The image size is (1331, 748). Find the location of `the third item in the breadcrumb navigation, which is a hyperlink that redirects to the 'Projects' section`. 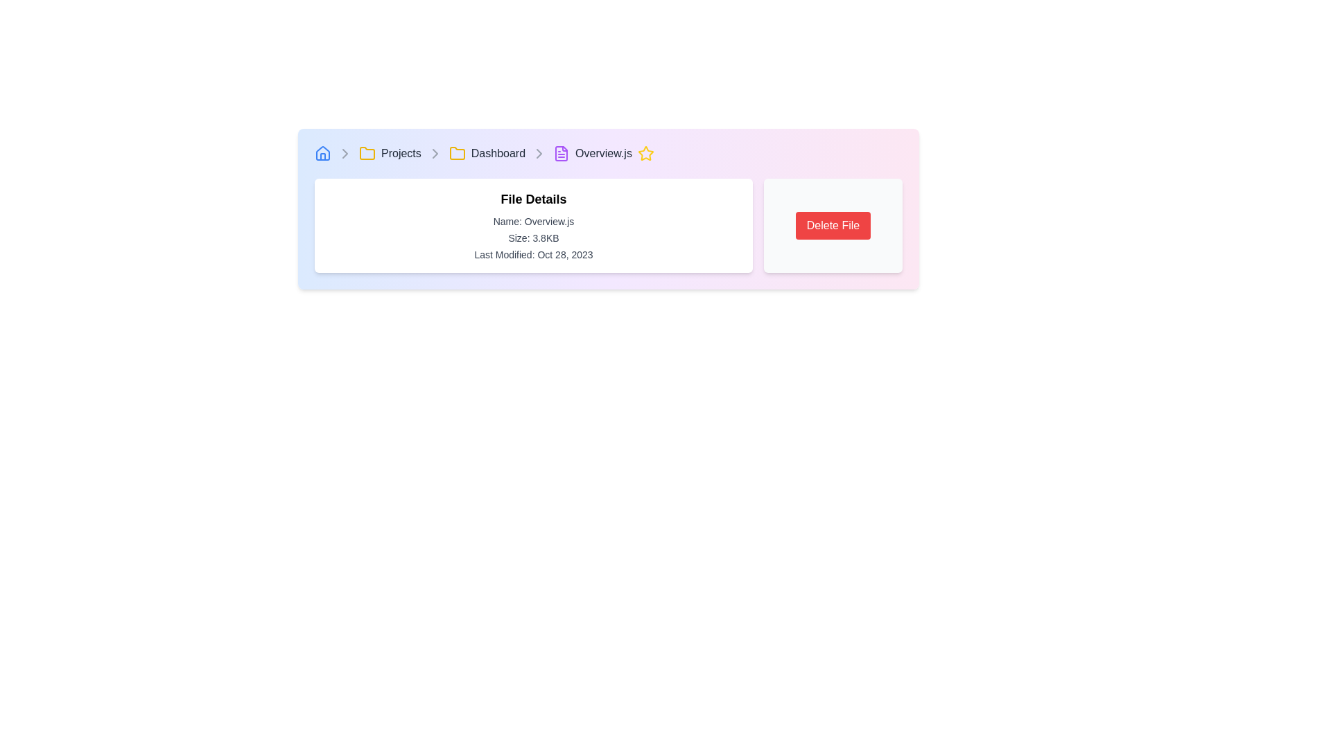

the third item in the breadcrumb navigation, which is a hyperlink that redirects to the 'Projects' section is located at coordinates (400, 154).